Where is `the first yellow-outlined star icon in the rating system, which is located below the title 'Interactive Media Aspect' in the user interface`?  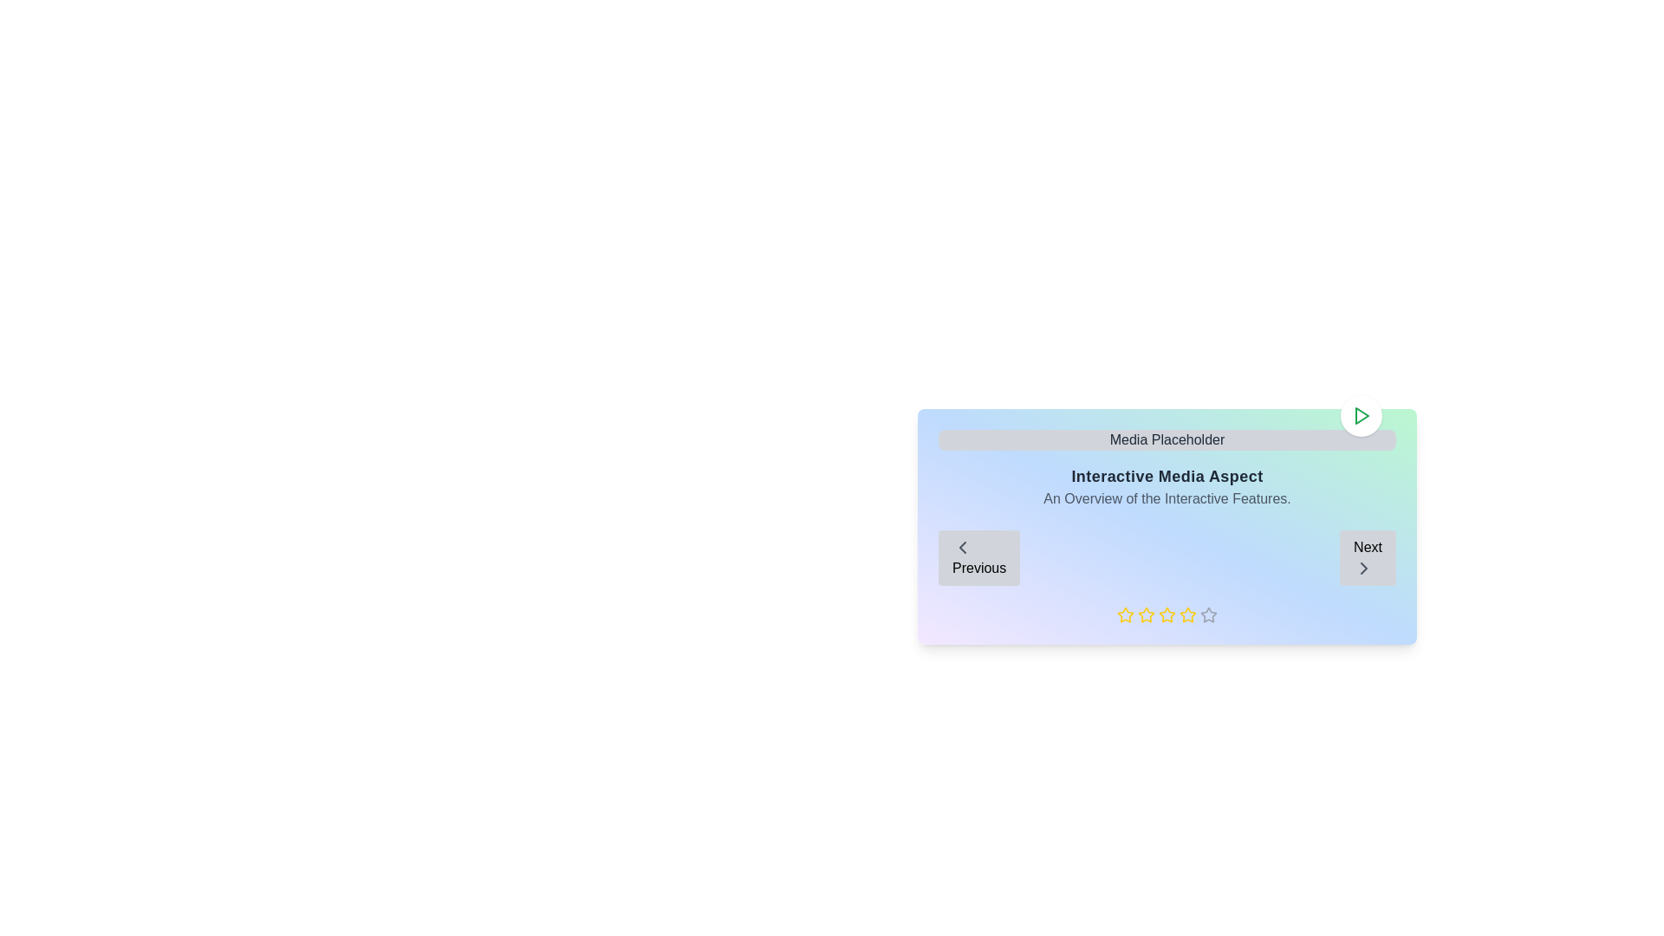 the first yellow-outlined star icon in the rating system, which is located below the title 'Interactive Media Aspect' in the user interface is located at coordinates (1126, 614).